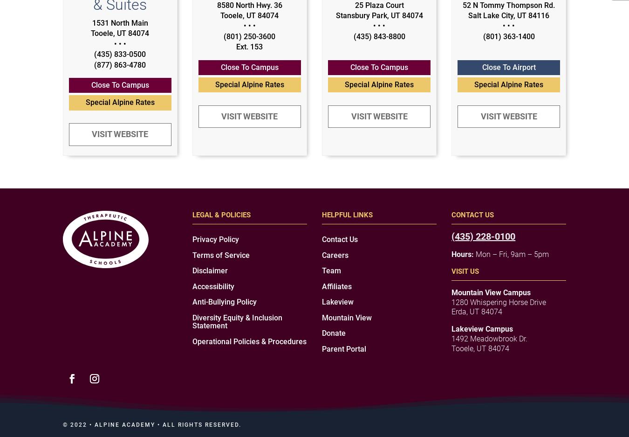  I want to click on 'Diversity Equity & Inclusion Statement', so click(237, 321).